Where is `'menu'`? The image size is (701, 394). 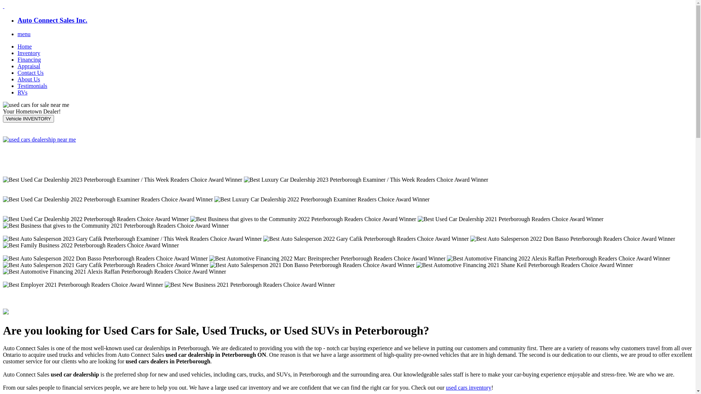 'menu' is located at coordinates (24, 34).